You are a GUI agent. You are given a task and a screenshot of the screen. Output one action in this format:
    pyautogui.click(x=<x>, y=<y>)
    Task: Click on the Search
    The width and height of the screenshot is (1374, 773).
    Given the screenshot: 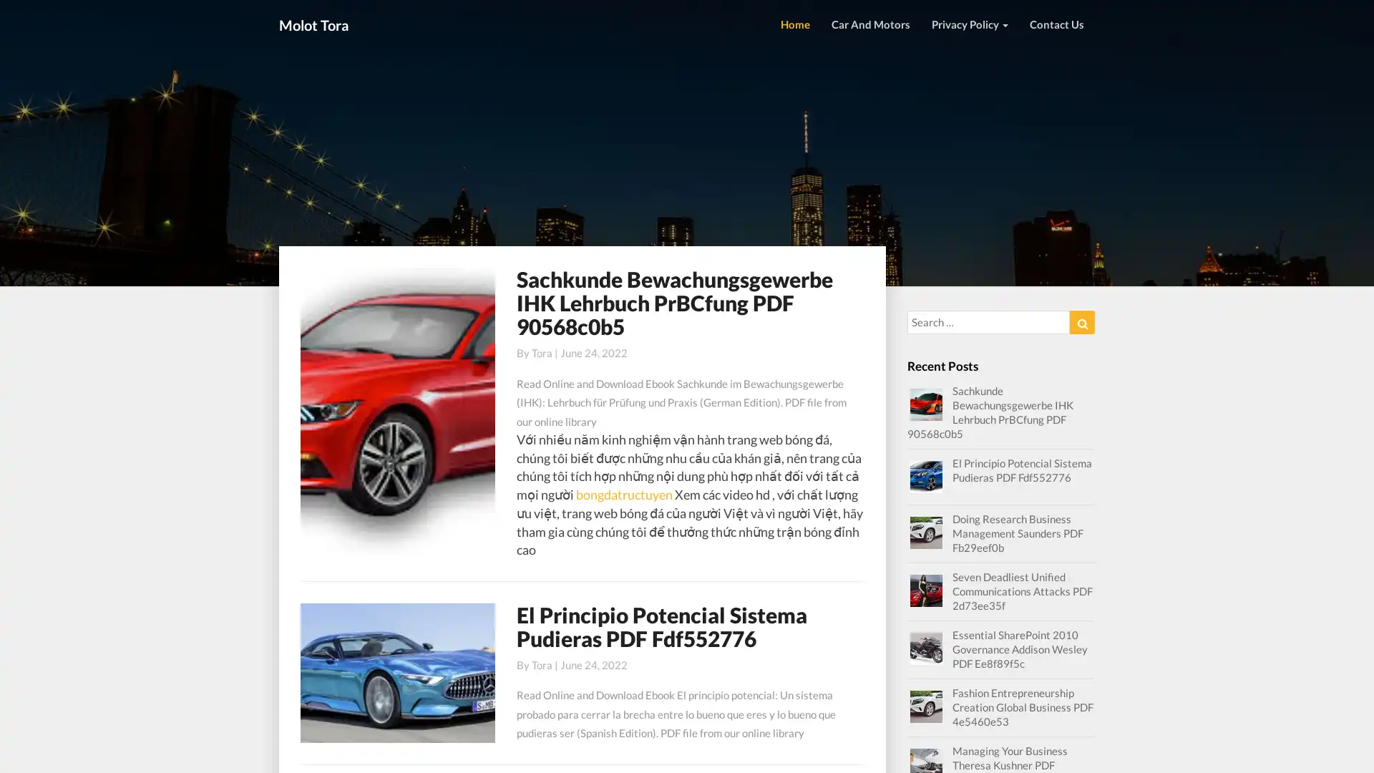 What is the action you would take?
    pyautogui.click(x=1082, y=322)
    